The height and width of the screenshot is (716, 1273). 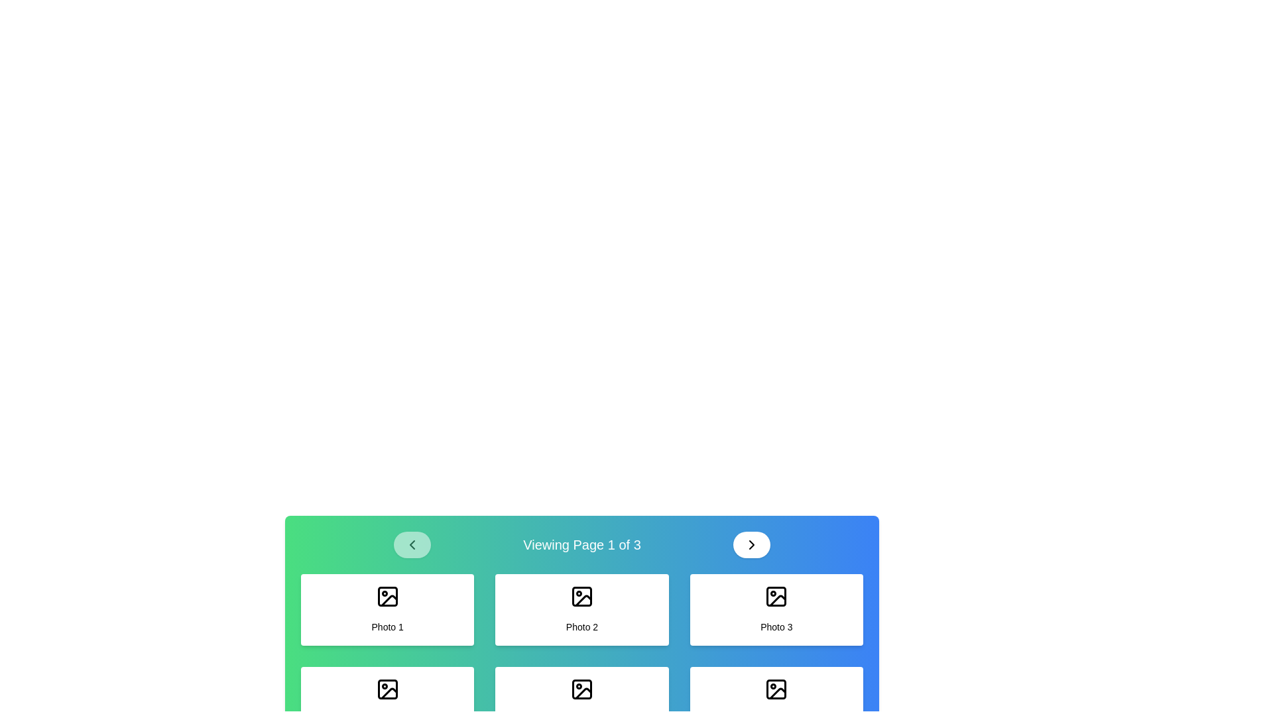 What do you see at coordinates (387, 595) in the screenshot?
I see `the decorative rectangular component within the photo icon located at the top-left corner of the icon, which is positioned above the text labeled 'Photo 1'` at bounding box center [387, 595].